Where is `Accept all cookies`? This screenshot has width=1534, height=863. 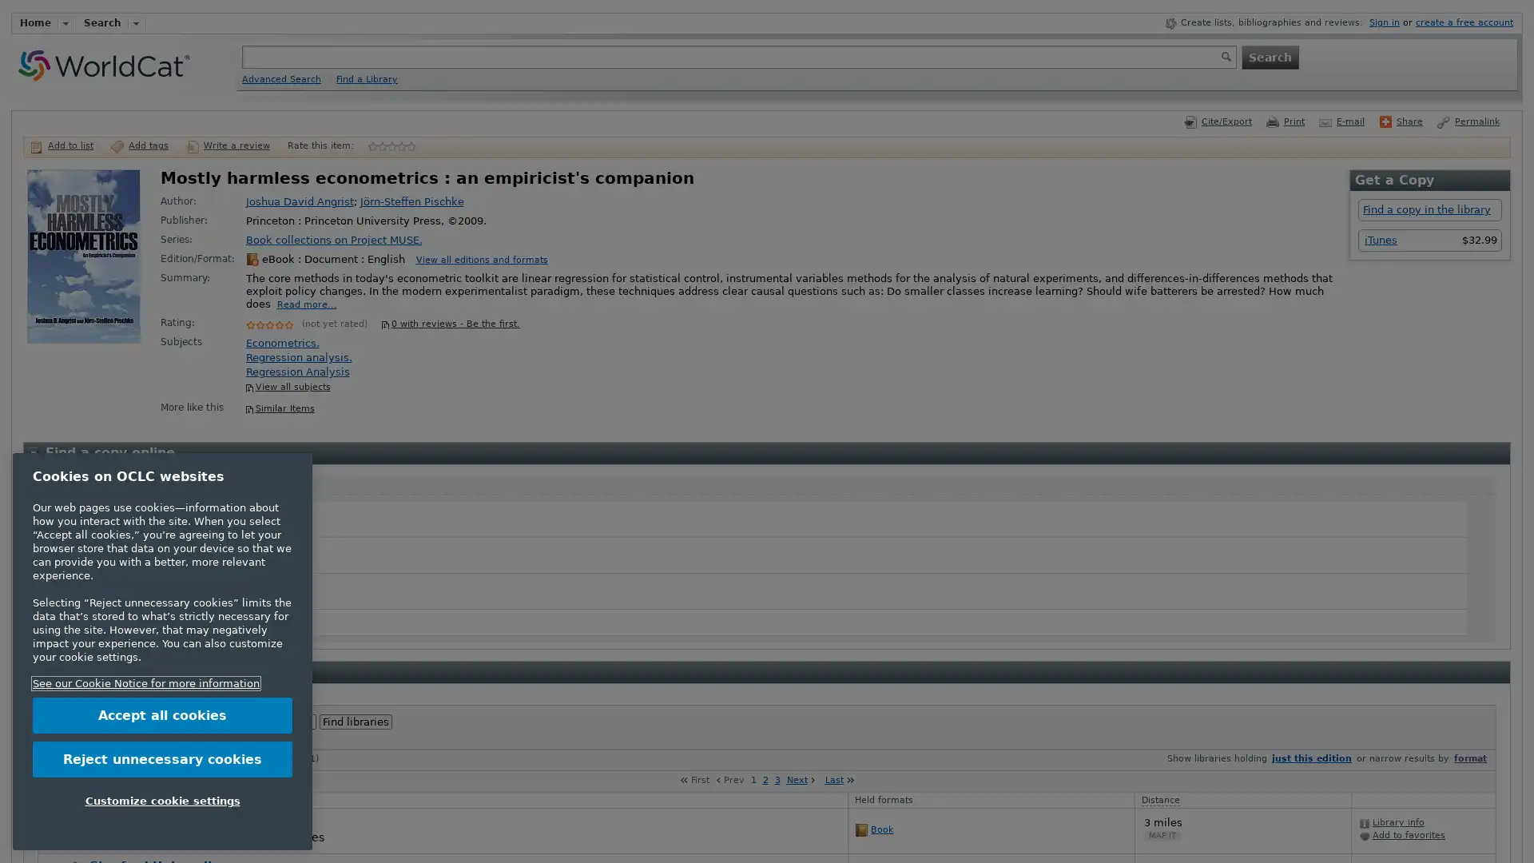 Accept all cookies is located at coordinates (162, 714).